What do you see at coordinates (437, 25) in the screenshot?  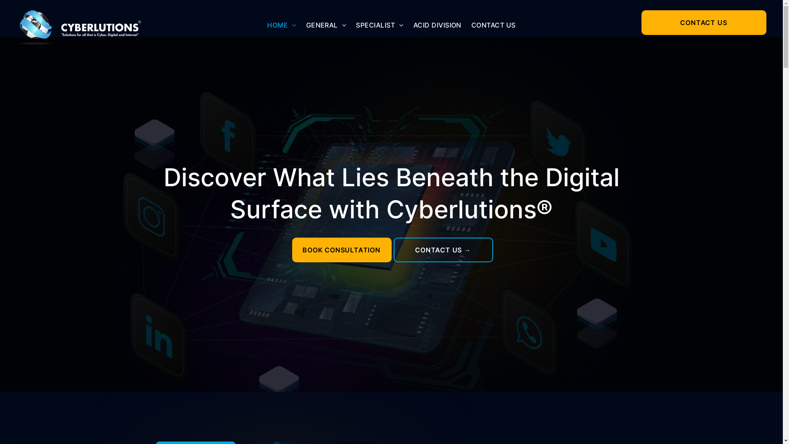 I see `'ACID DIVISION'` at bounding box center [437, 25].